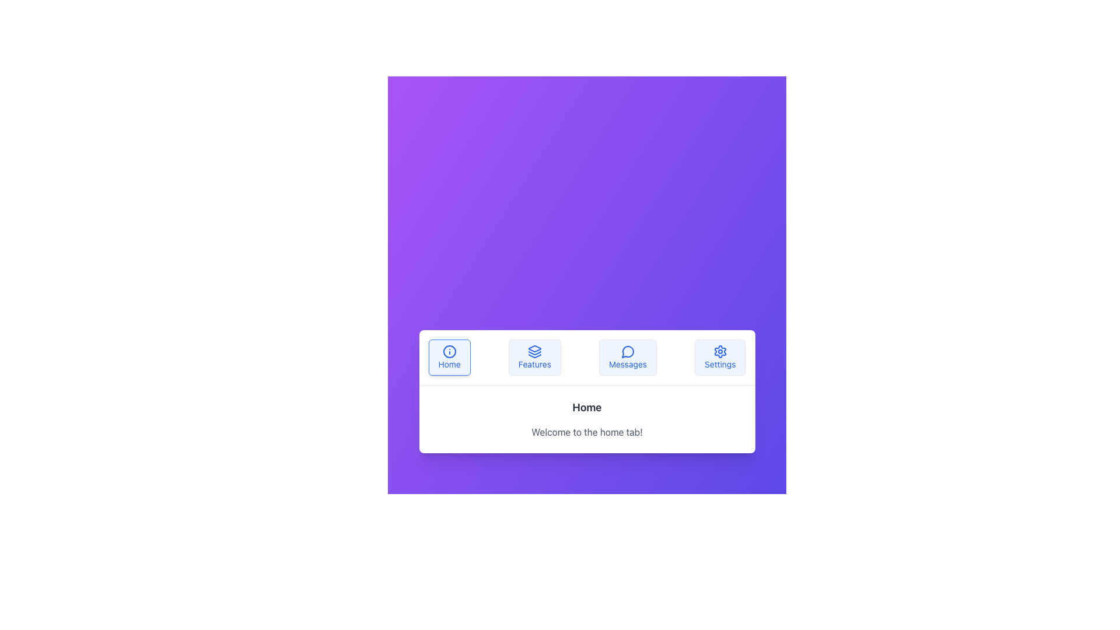  Describe the element at coordinates (534, 355) in the screenshot. I see `the 'Features' icon in the bottom navigation bar` at that location.